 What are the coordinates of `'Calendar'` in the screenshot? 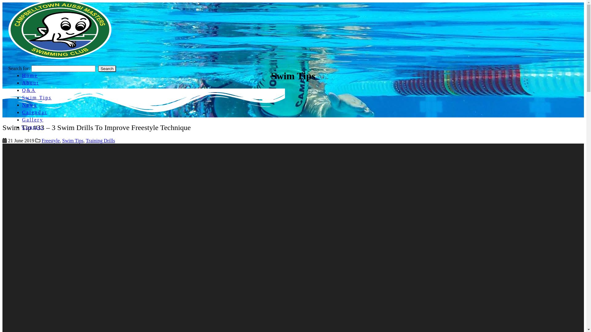 It's located at (34, 112).